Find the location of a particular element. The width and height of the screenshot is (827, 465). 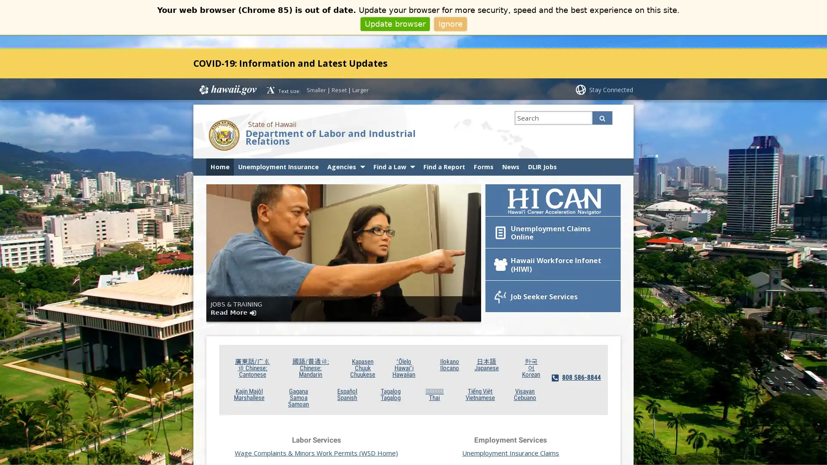

Tagalog Tagalog is located at coordinates (390, 398).